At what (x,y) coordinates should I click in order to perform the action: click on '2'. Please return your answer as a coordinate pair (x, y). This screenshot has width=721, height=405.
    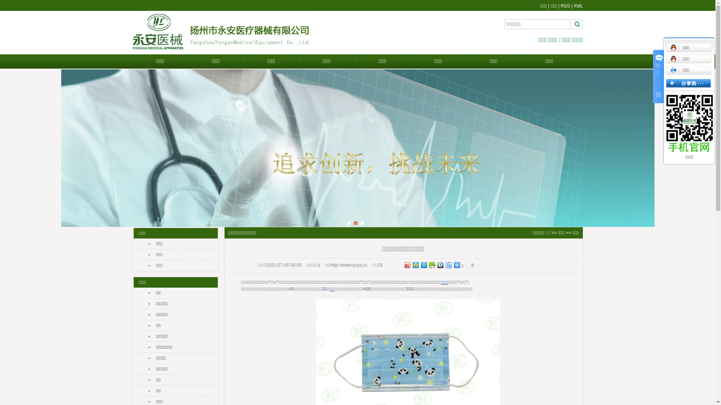
    Looking at the image, I should click on (355, 222).